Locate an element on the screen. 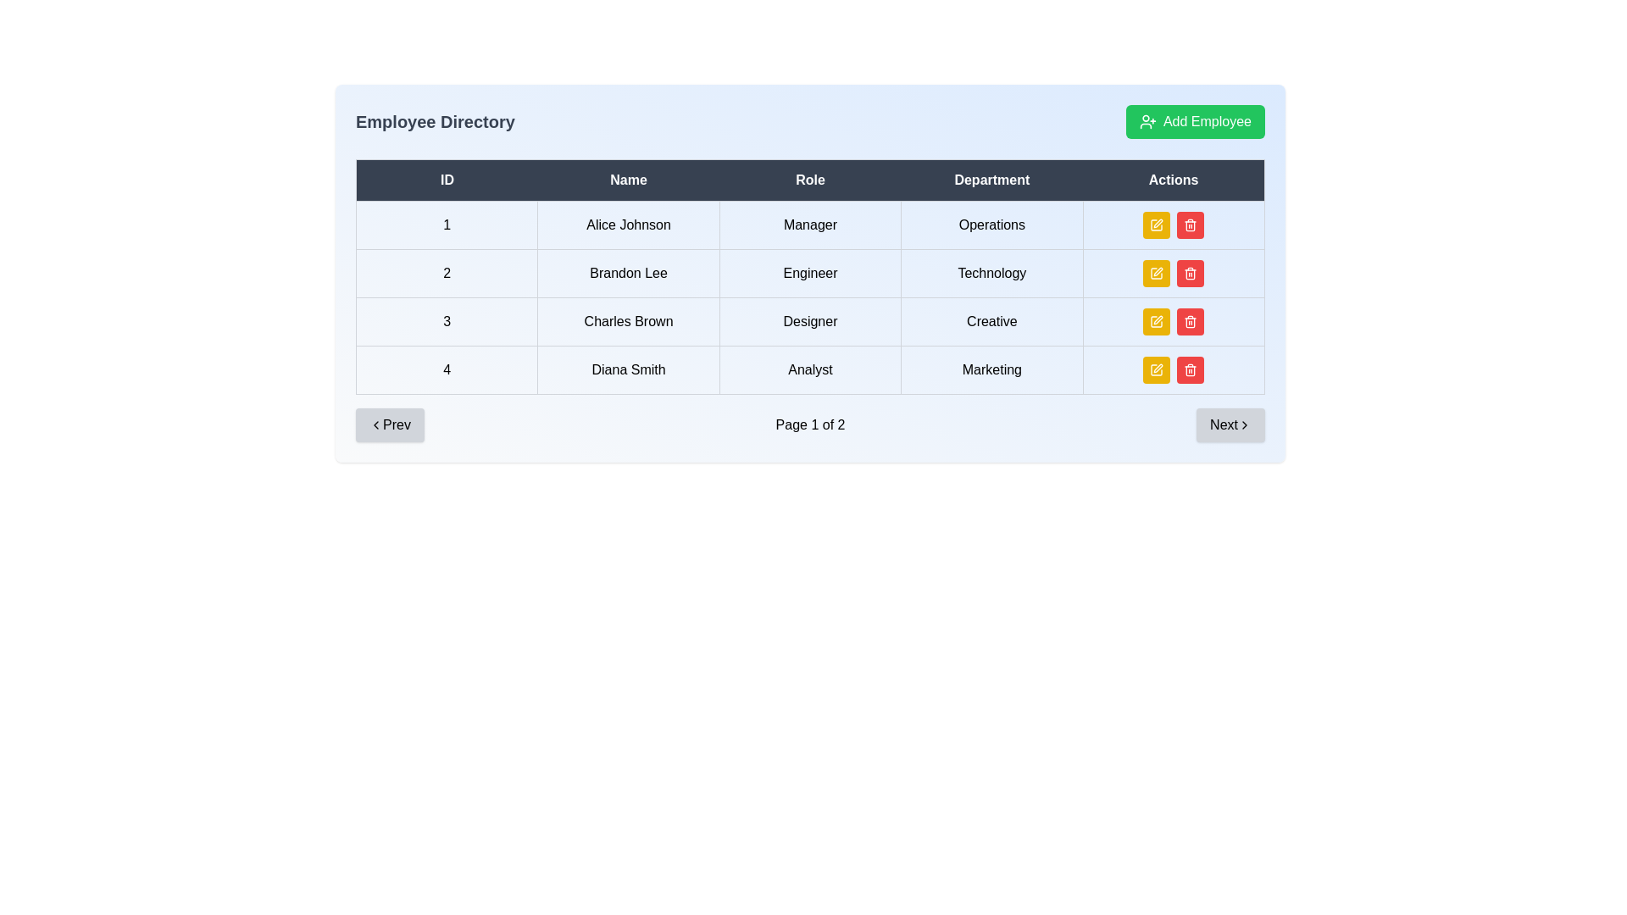  the edit icon button located in the third row of the Action column in the Employee Directory table to initiate an edit action for the row corresponding to 'Charles Brown' is located at coordinates (1156, 322).